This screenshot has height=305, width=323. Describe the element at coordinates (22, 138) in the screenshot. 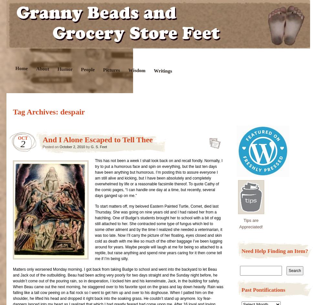

I see `'Oct'` at that location.